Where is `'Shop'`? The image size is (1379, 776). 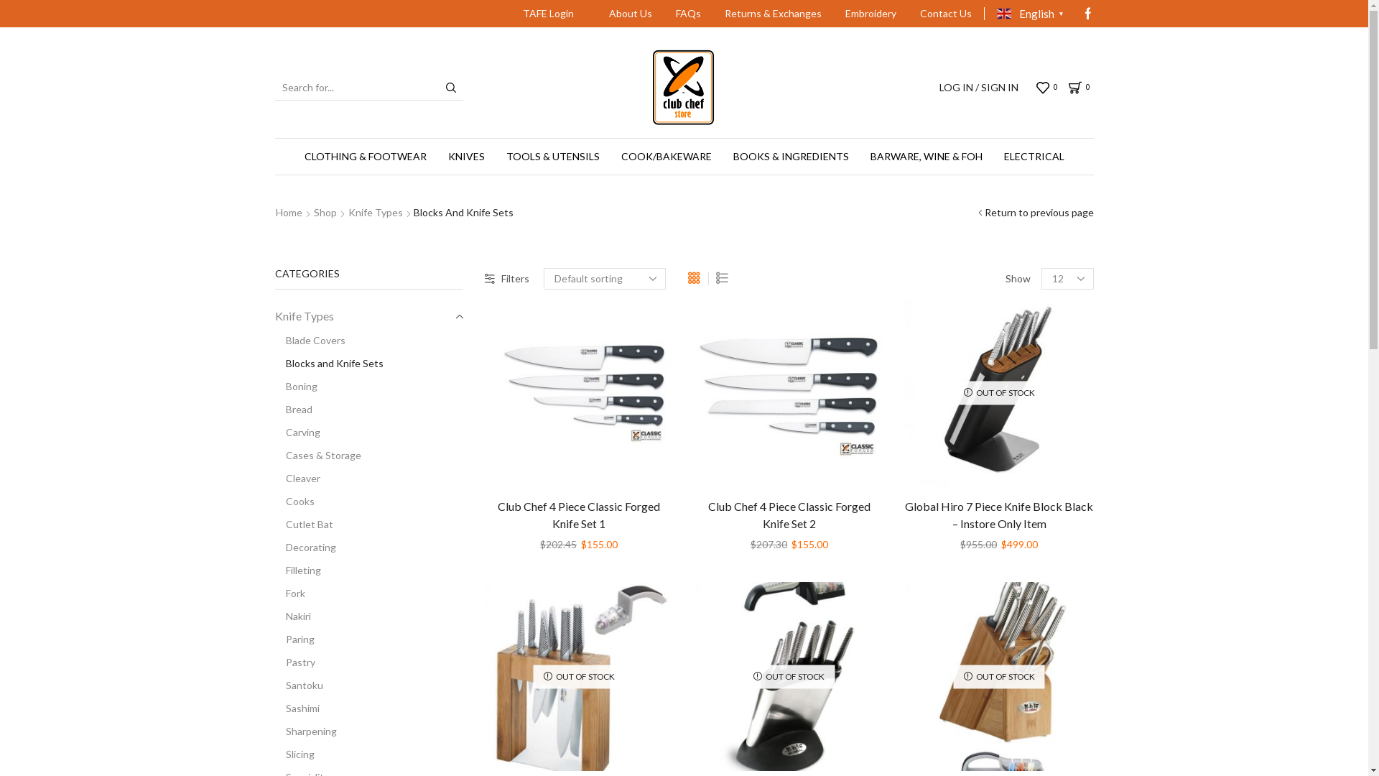 'Shop' is located at coordinates (312, 213).